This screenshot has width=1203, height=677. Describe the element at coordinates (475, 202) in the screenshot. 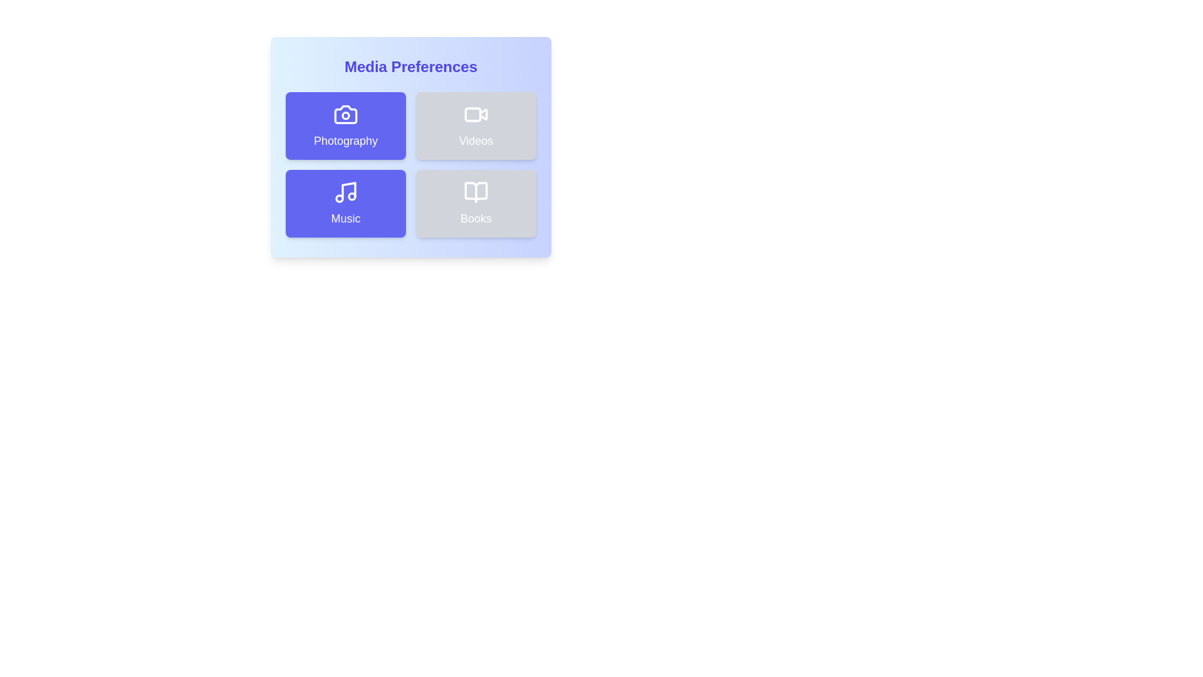

I see `the Books button to observe visual feedback` at that location.